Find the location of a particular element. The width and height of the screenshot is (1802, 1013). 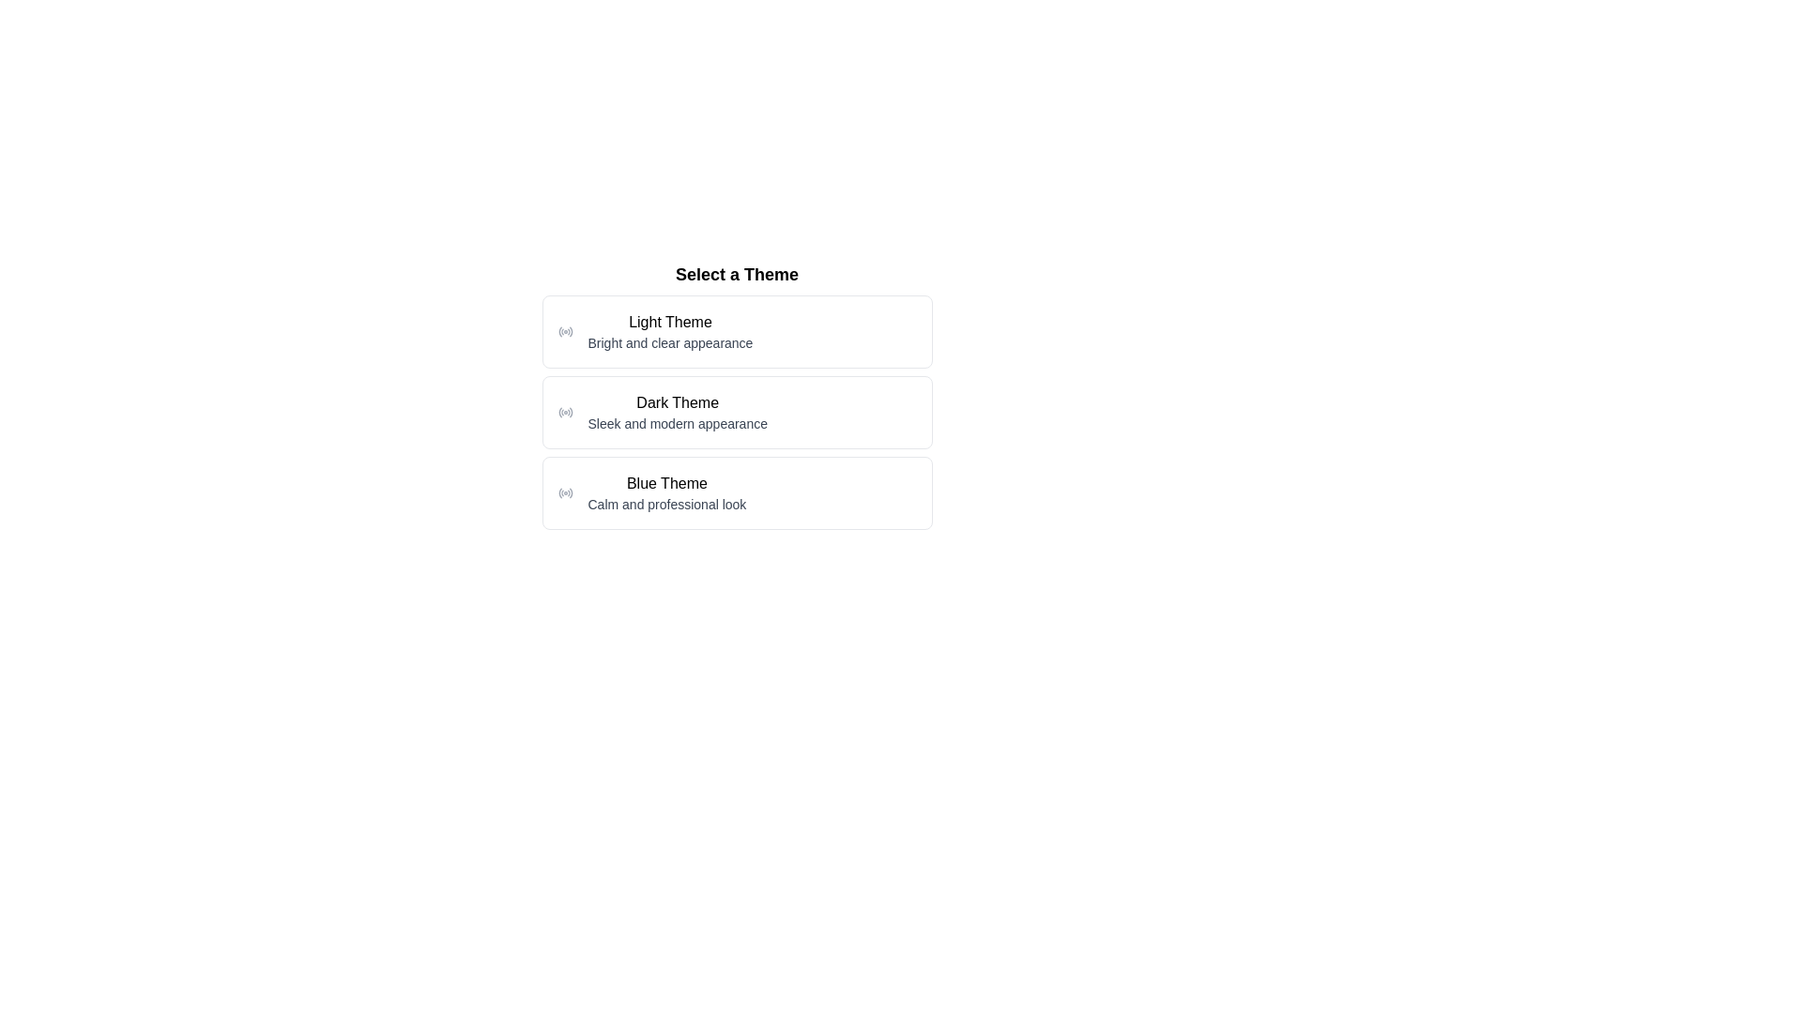

text label that serves as the title for the 'Dark Theme' option in the theme selection interface, positioned in the middle option of the vertically-stacked list is located at coordinates (677, 401).